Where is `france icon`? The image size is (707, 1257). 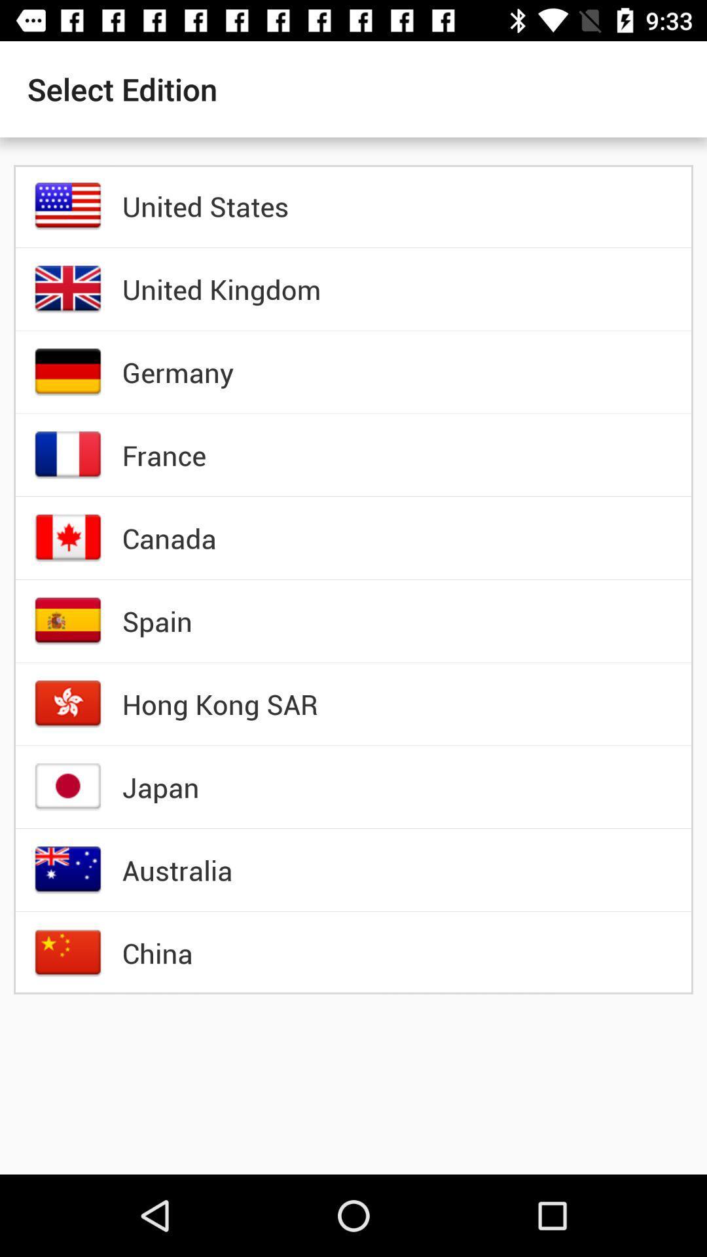 france icon is located at coordinates (163, 455).